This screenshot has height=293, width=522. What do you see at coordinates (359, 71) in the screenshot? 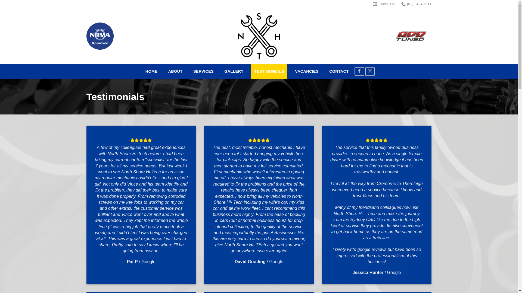
I see `'Follow on Facebook'` at bounding box center [359, 71].